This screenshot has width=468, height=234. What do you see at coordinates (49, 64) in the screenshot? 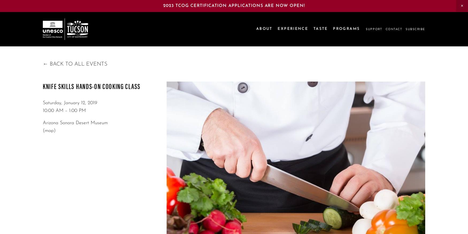
I see `'Back to All Events'` at bounding box center [49, 64].